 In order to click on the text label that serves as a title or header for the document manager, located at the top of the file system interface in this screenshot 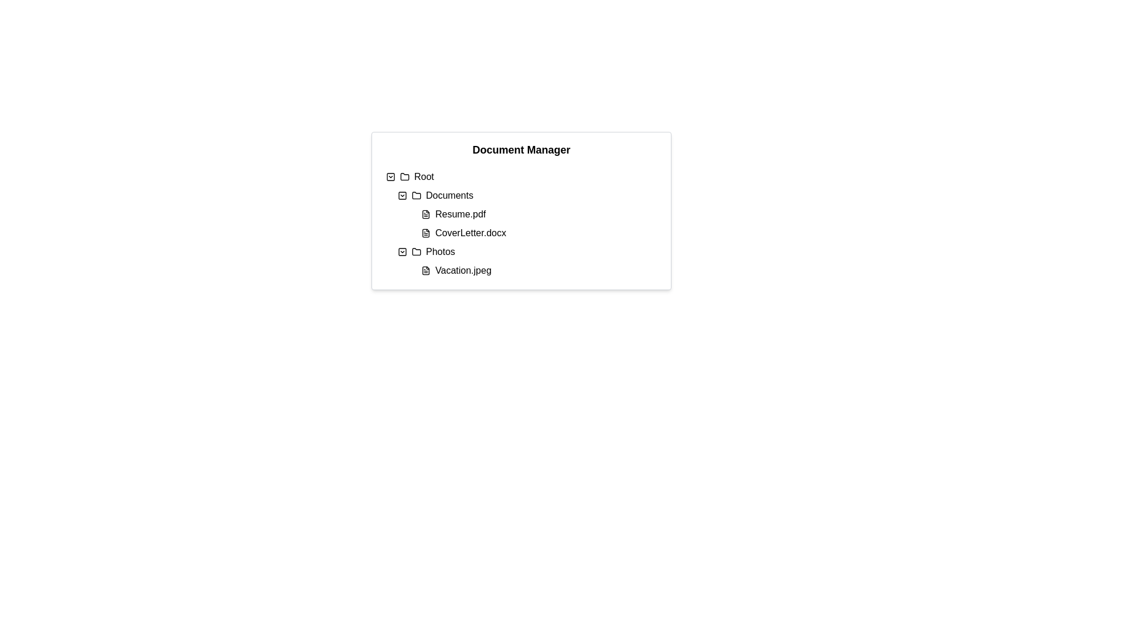, I will do `click(520, 149)`.